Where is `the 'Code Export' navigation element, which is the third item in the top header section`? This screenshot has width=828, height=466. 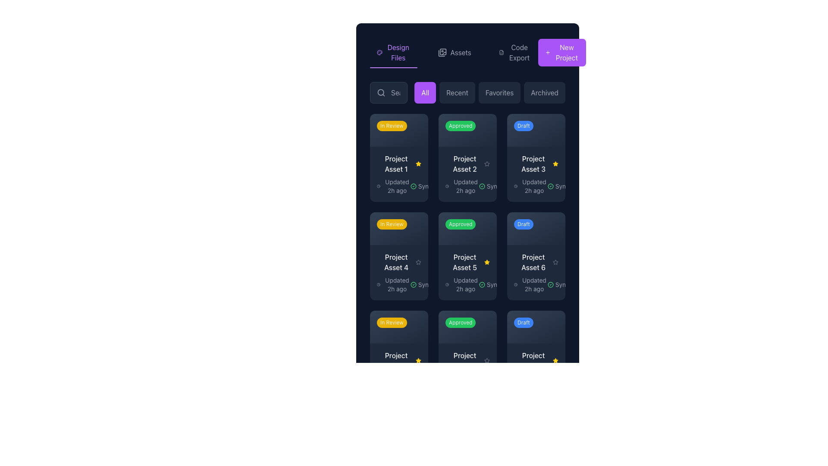
the 'Code Export' navigation element, which is the third item in the top header section is located at coordinates (515, 53).